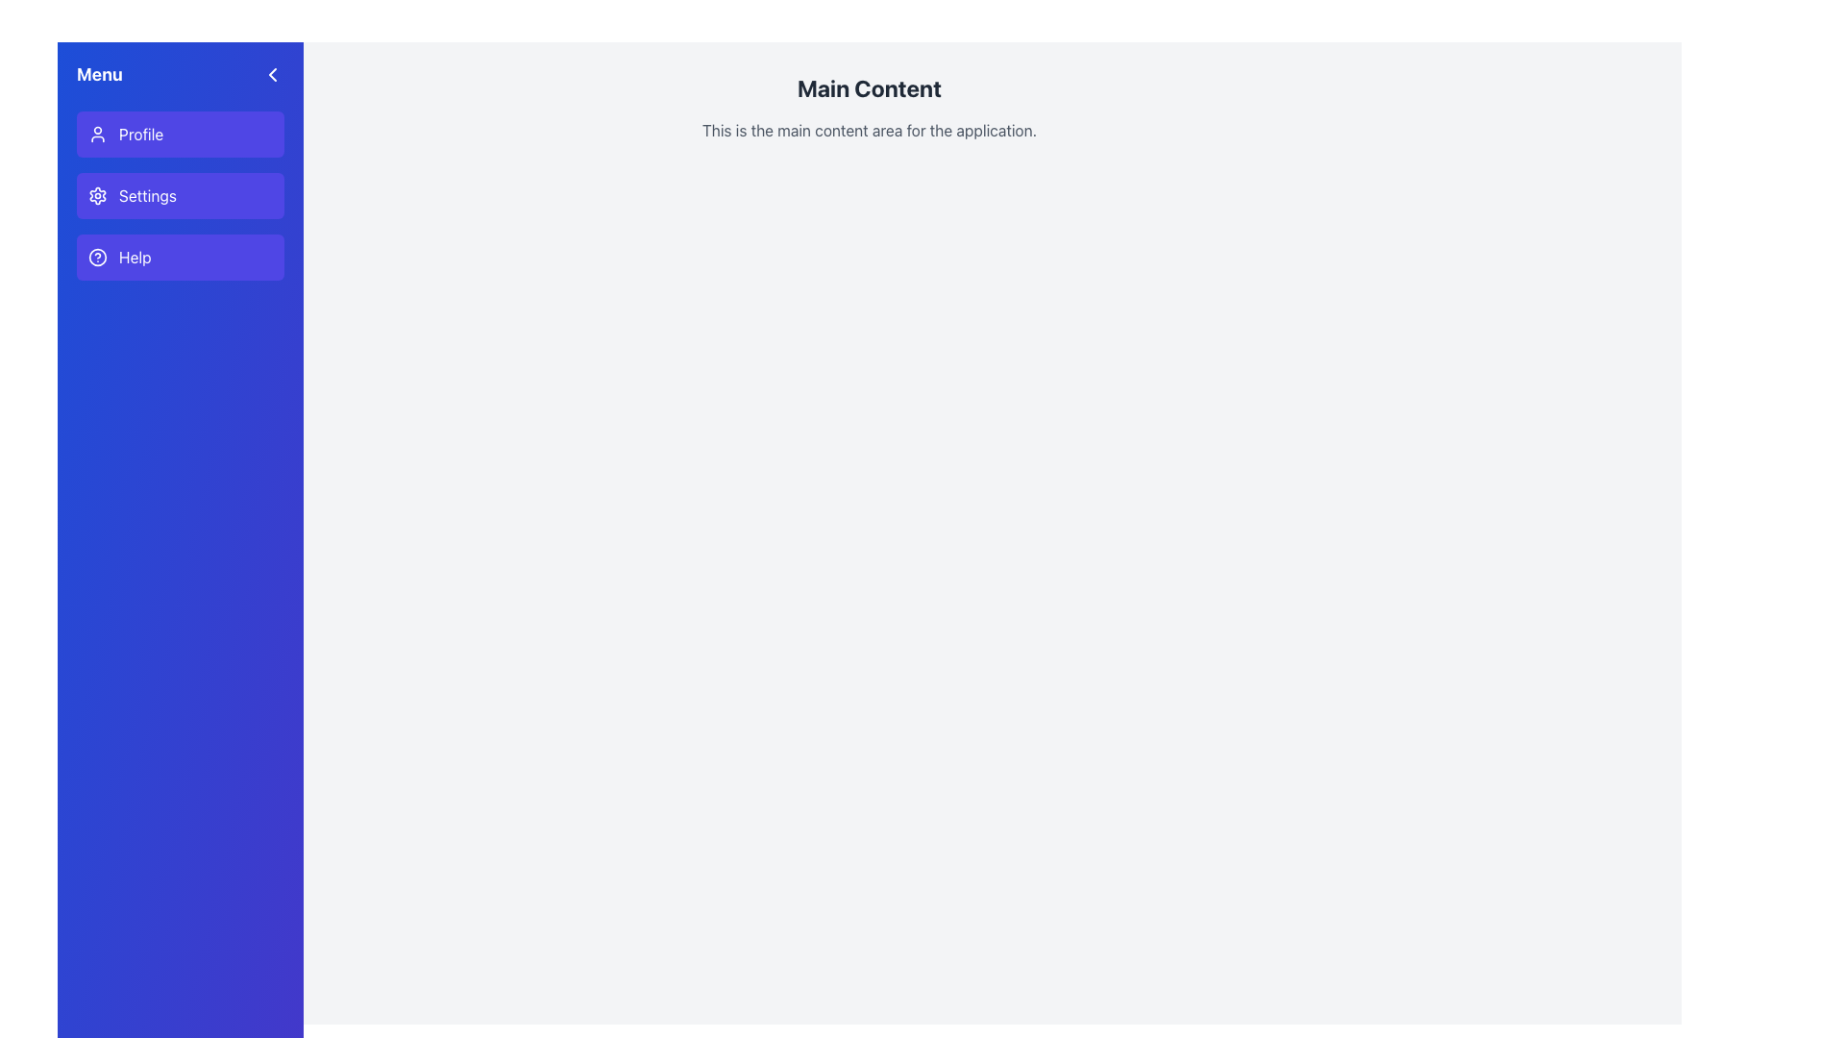 This screenshot has width=1845, height=1038. I want to click on the navigation button located in the top-left of the sidebar menu, so click(180, 133).